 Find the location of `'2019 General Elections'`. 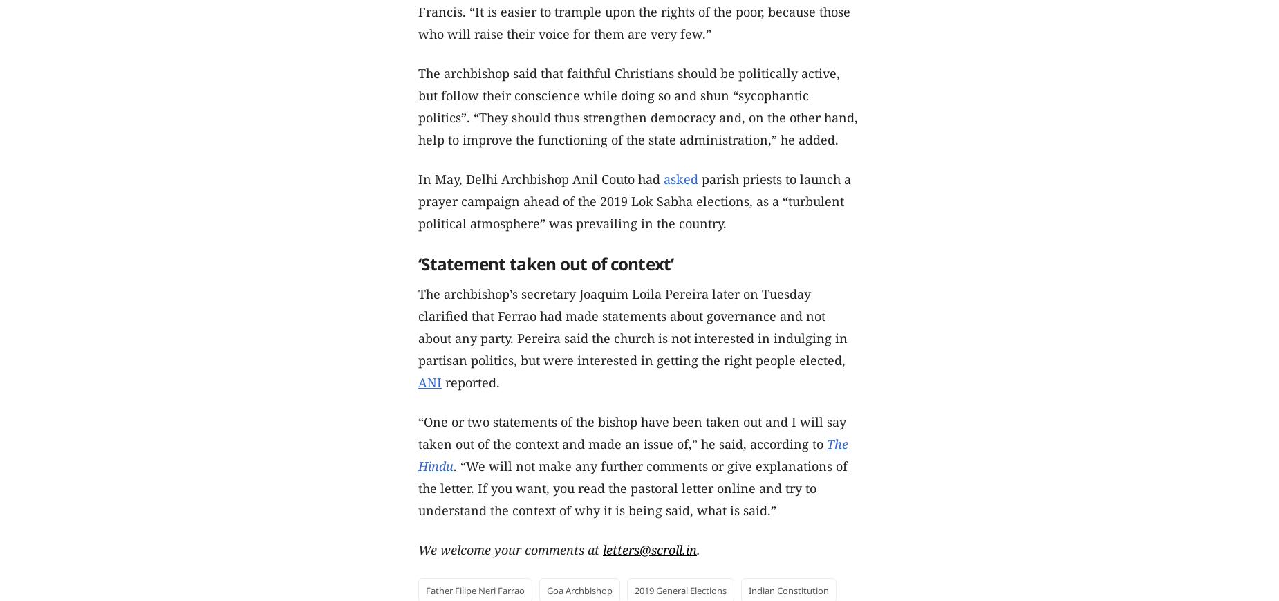

'2019 General Elections' is located at coordinates (680, 590).